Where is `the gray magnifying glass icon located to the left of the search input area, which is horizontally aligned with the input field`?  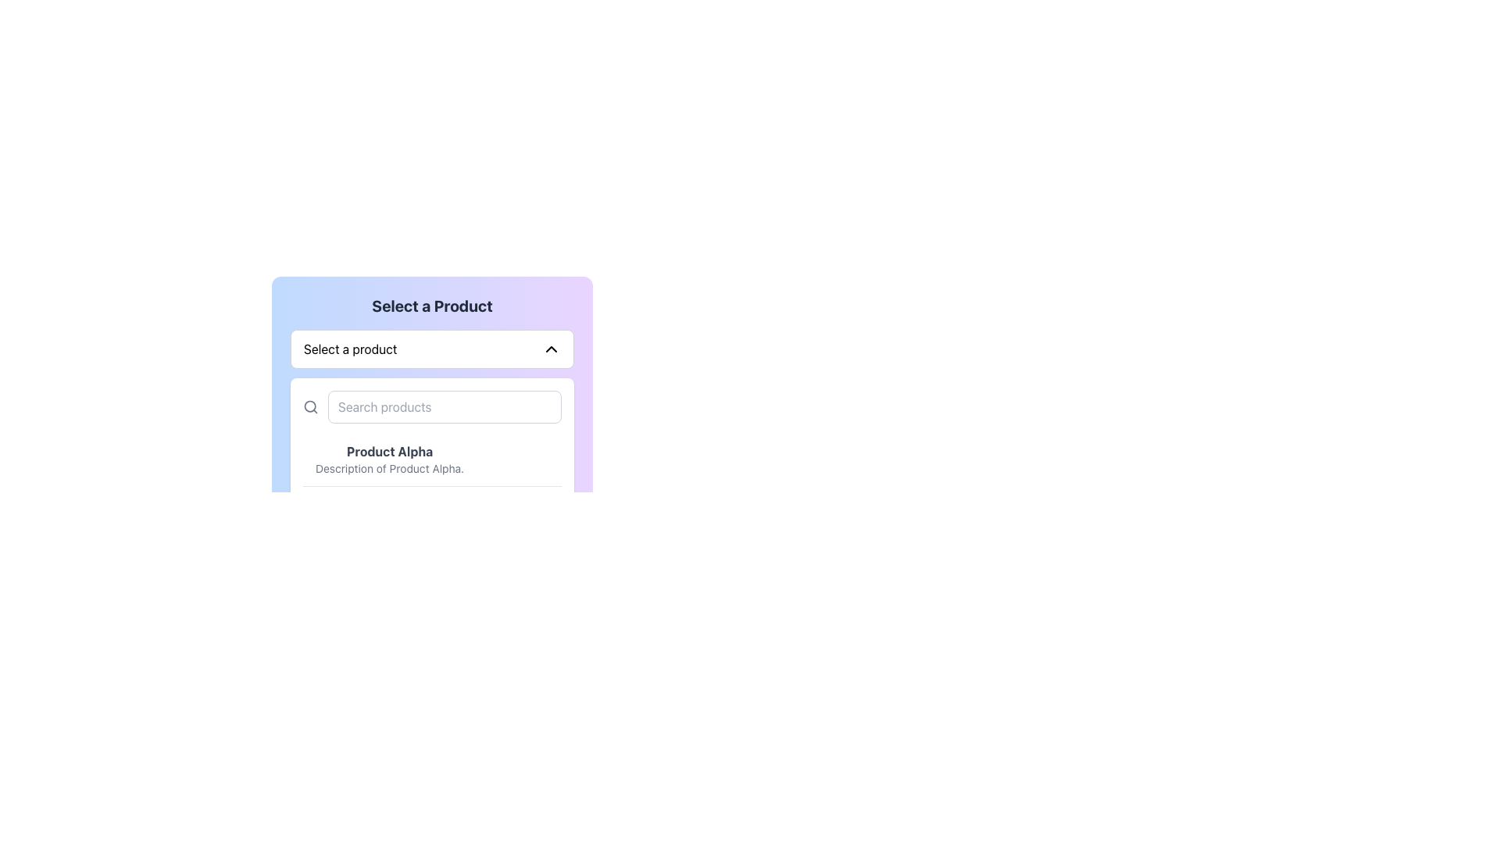 the gray magnifying glass icon located to the left of the search input area, which is horizontally aligned with the input field is located at coordinates (311, 406).